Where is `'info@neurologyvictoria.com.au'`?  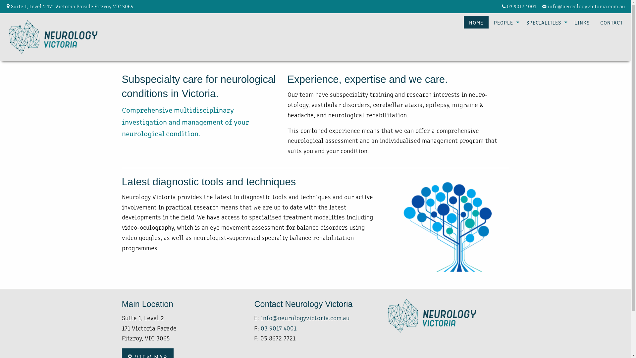 'info@neurologyvictoria.com.au' is located at coordinates (305, 317).